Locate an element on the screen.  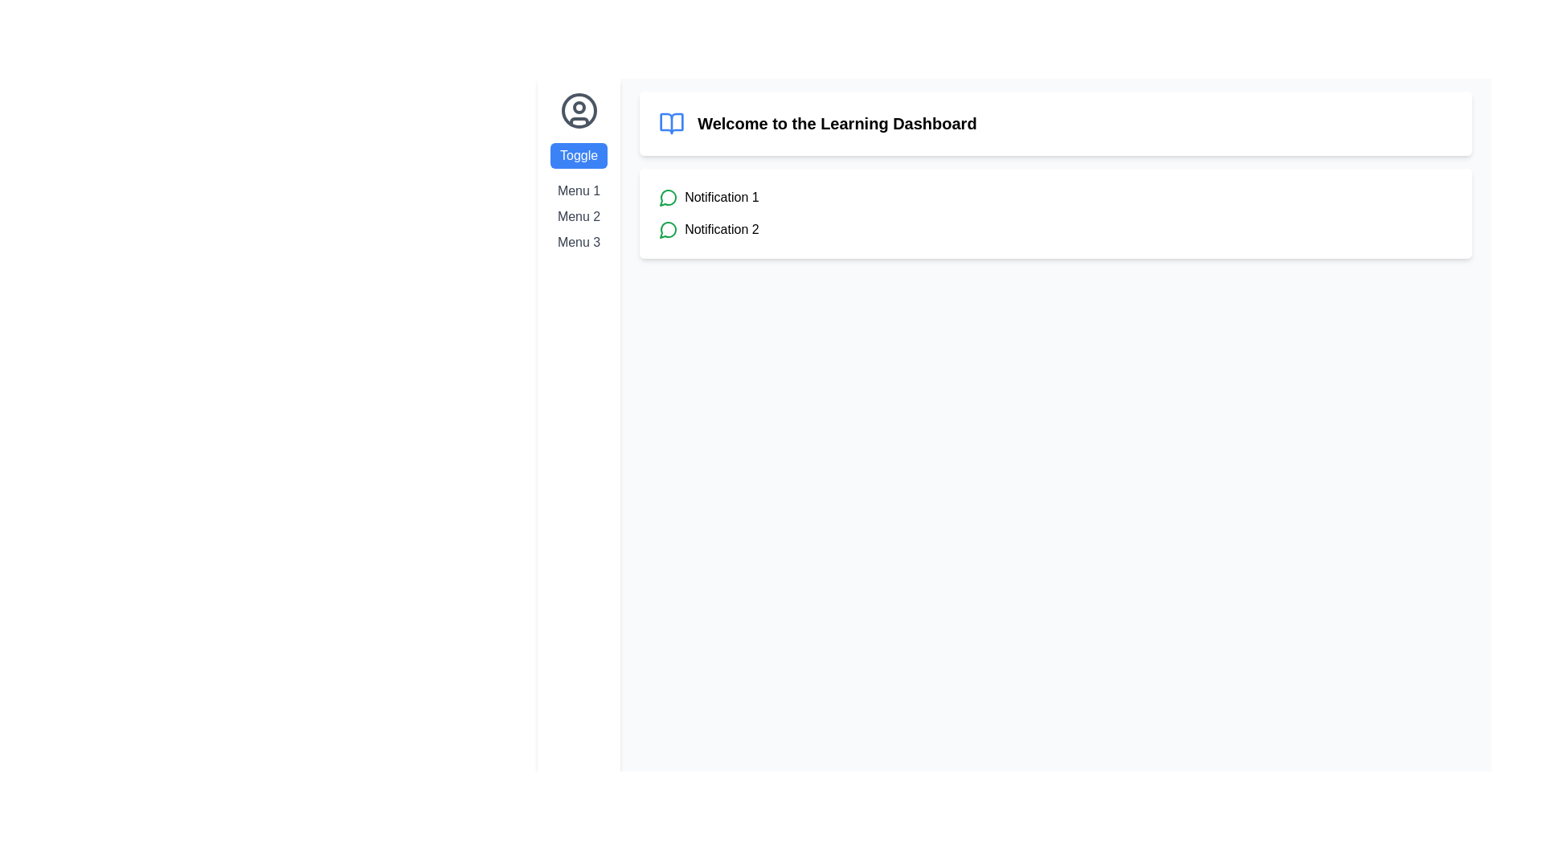
the user profile image represented by the Circle within the SVG structure located in the top-left corner of the application interface is located at coordinates (579, 110).